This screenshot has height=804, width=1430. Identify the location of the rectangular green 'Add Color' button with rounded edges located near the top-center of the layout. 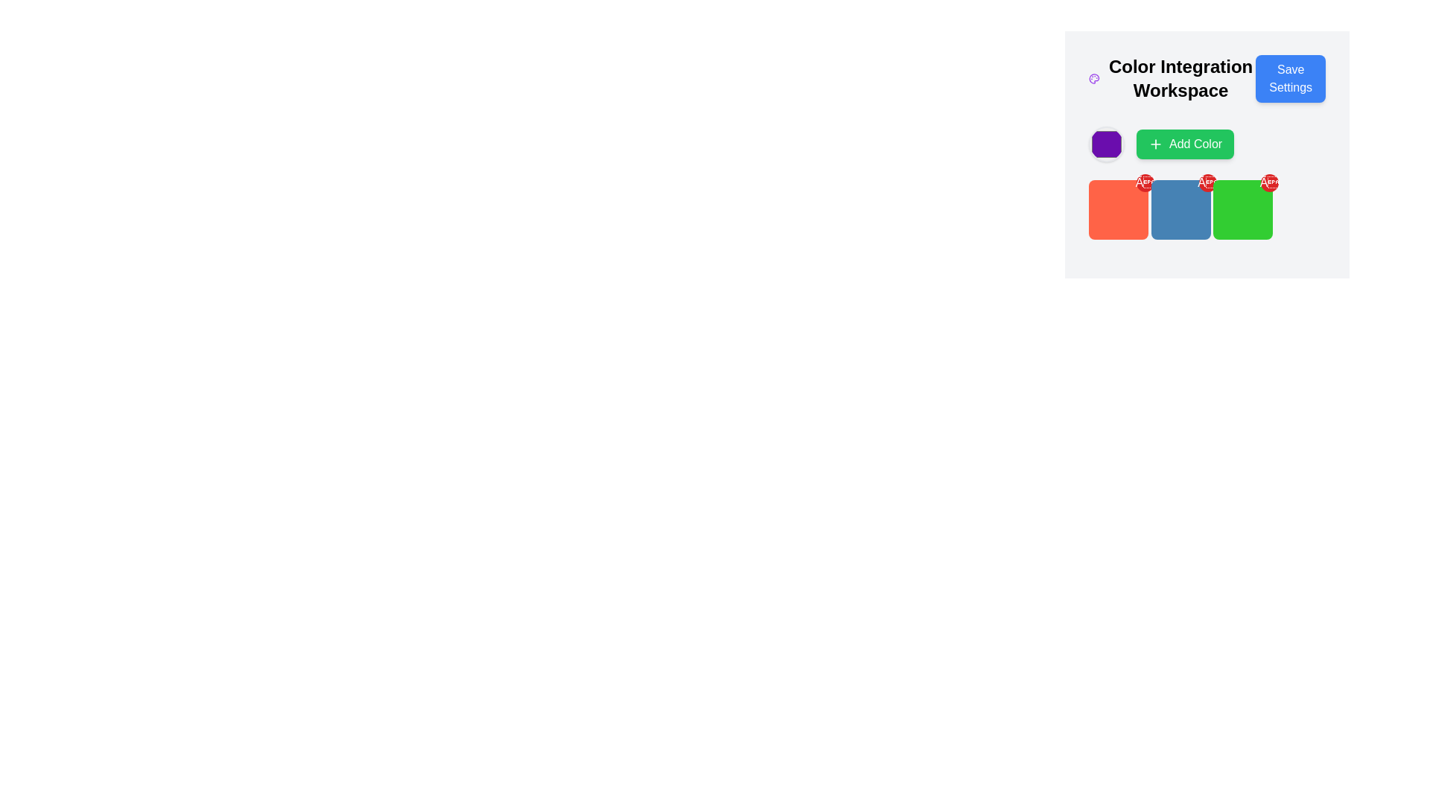
(1207, 144).